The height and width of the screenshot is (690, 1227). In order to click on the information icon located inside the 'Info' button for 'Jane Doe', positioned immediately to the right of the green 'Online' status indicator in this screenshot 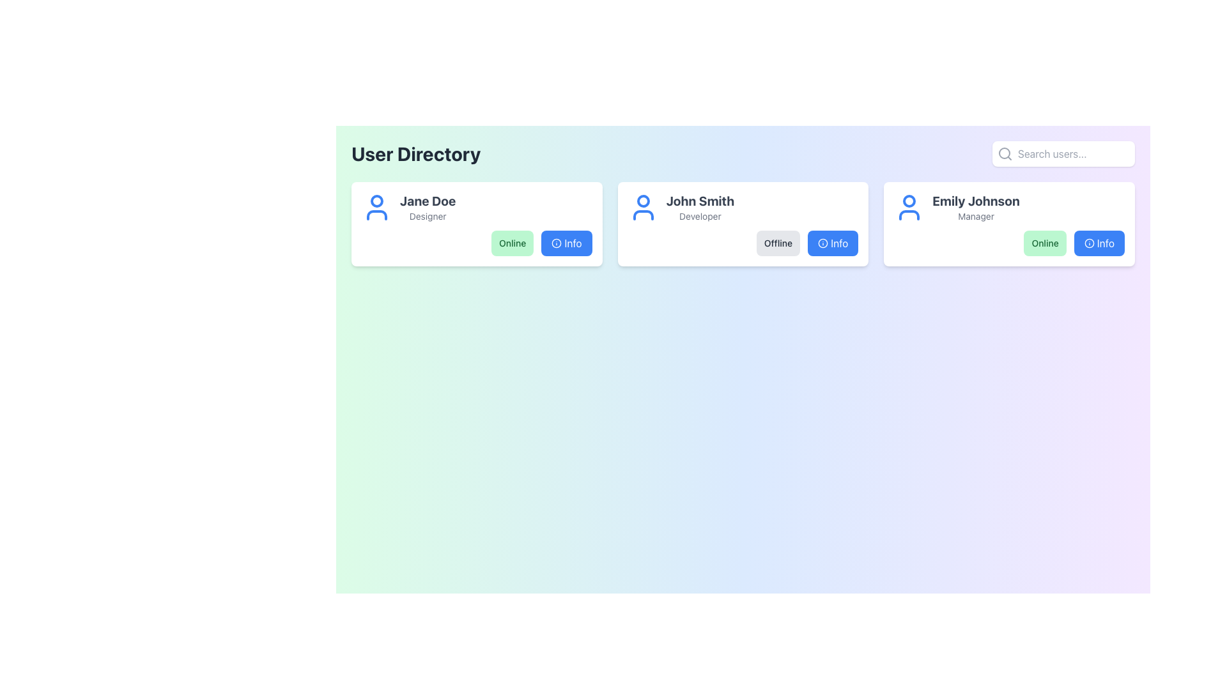, I will do `click(557, 243)`.